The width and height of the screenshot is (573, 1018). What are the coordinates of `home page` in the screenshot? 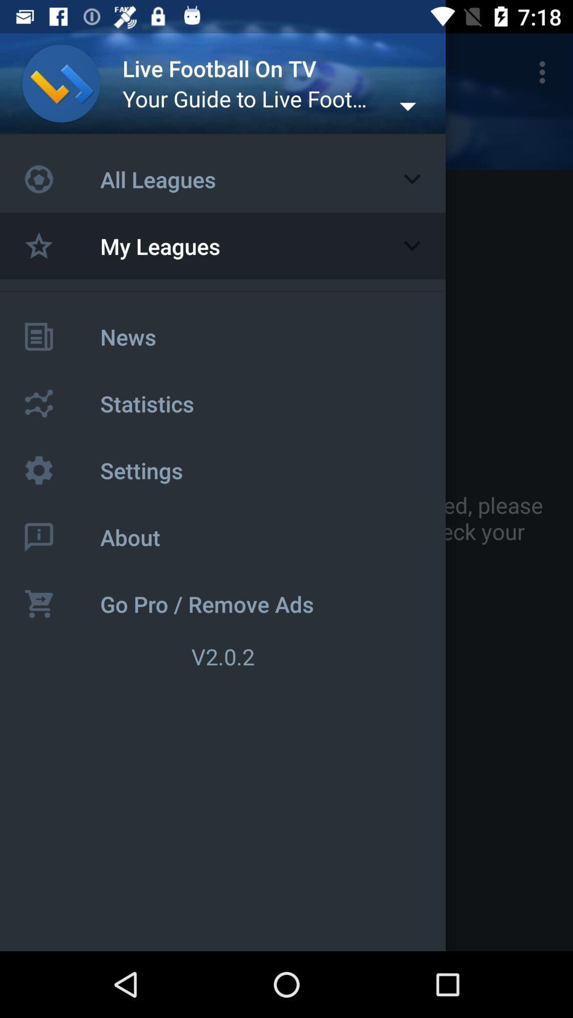 It's located at (61, 83).